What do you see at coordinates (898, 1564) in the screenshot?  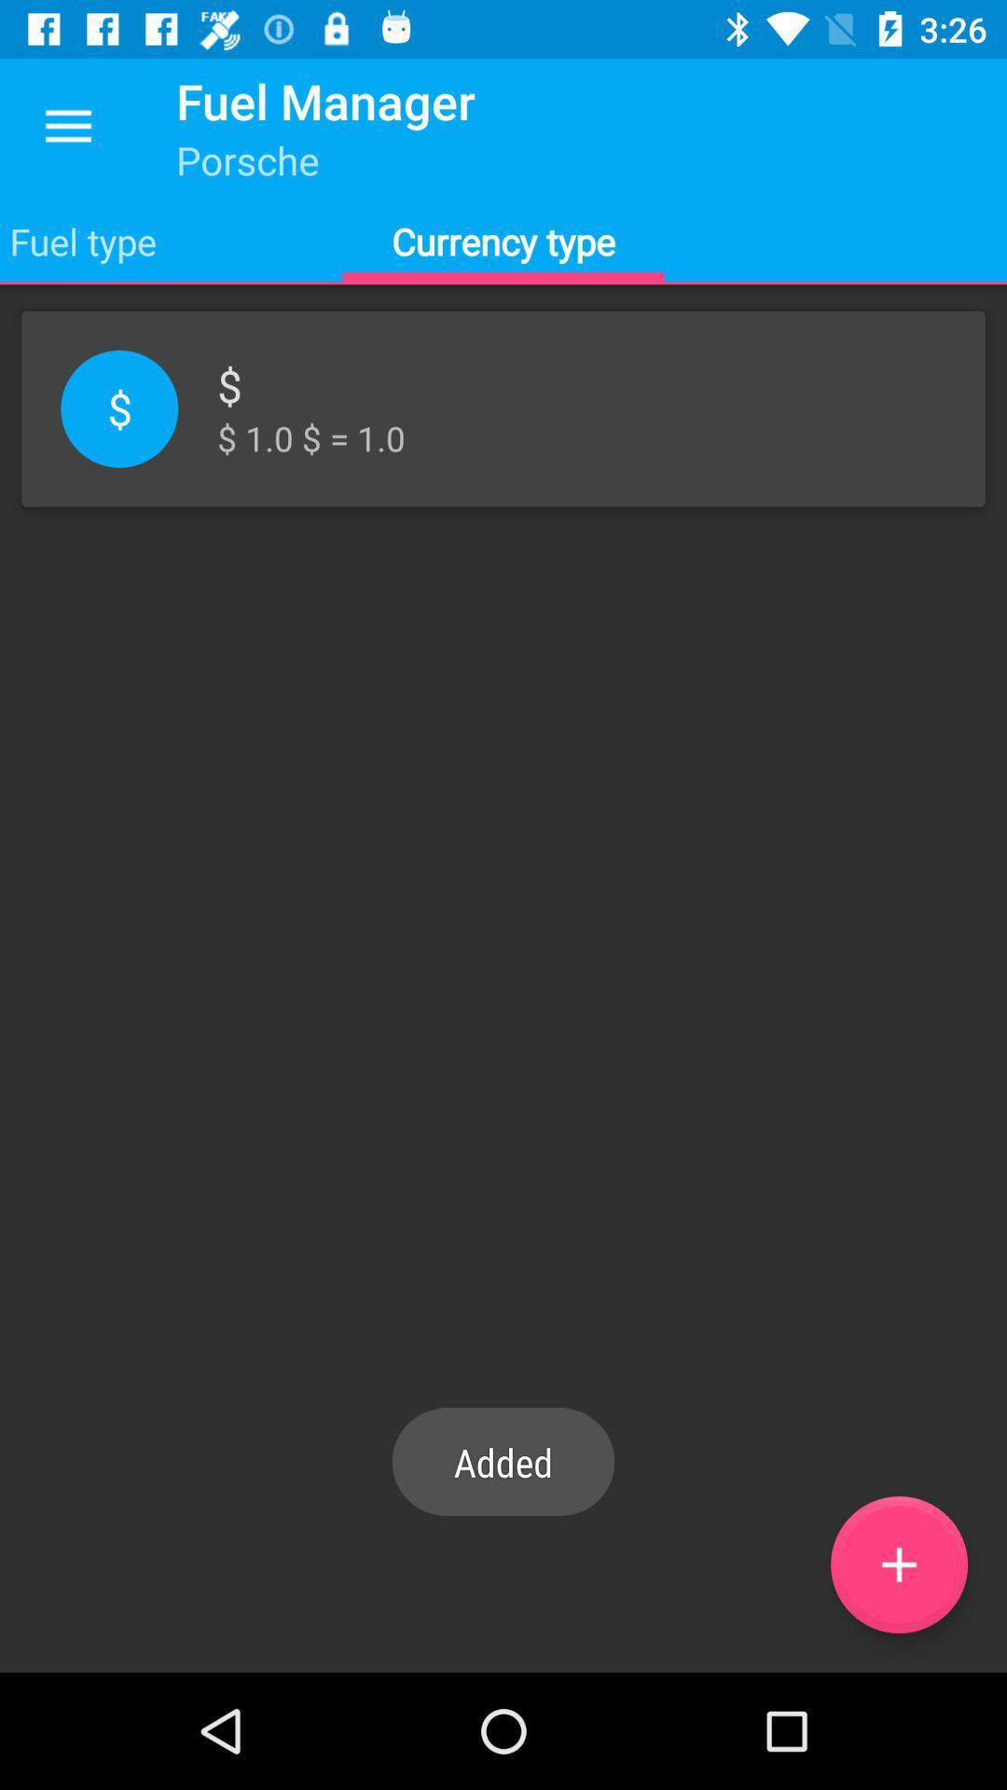 I see `the icon at the bottom right corner` at bounding box center [898, 1564].